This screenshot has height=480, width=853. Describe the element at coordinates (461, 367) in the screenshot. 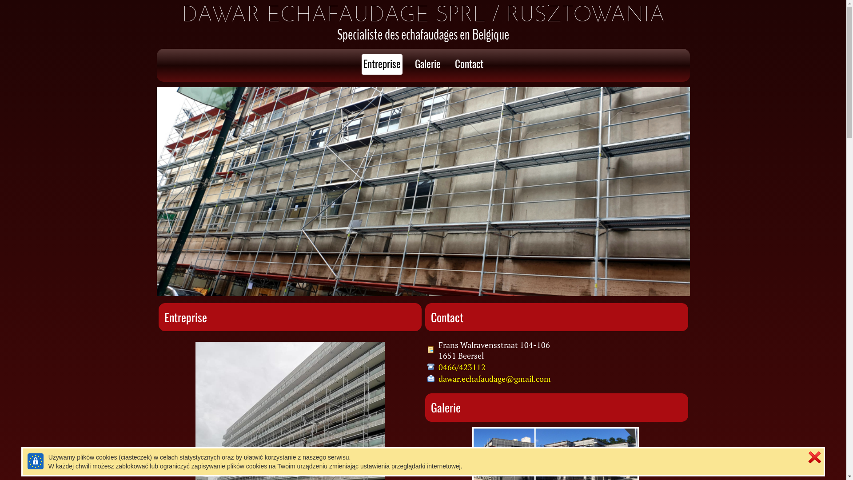

I see `'0466/423112'` at that location.